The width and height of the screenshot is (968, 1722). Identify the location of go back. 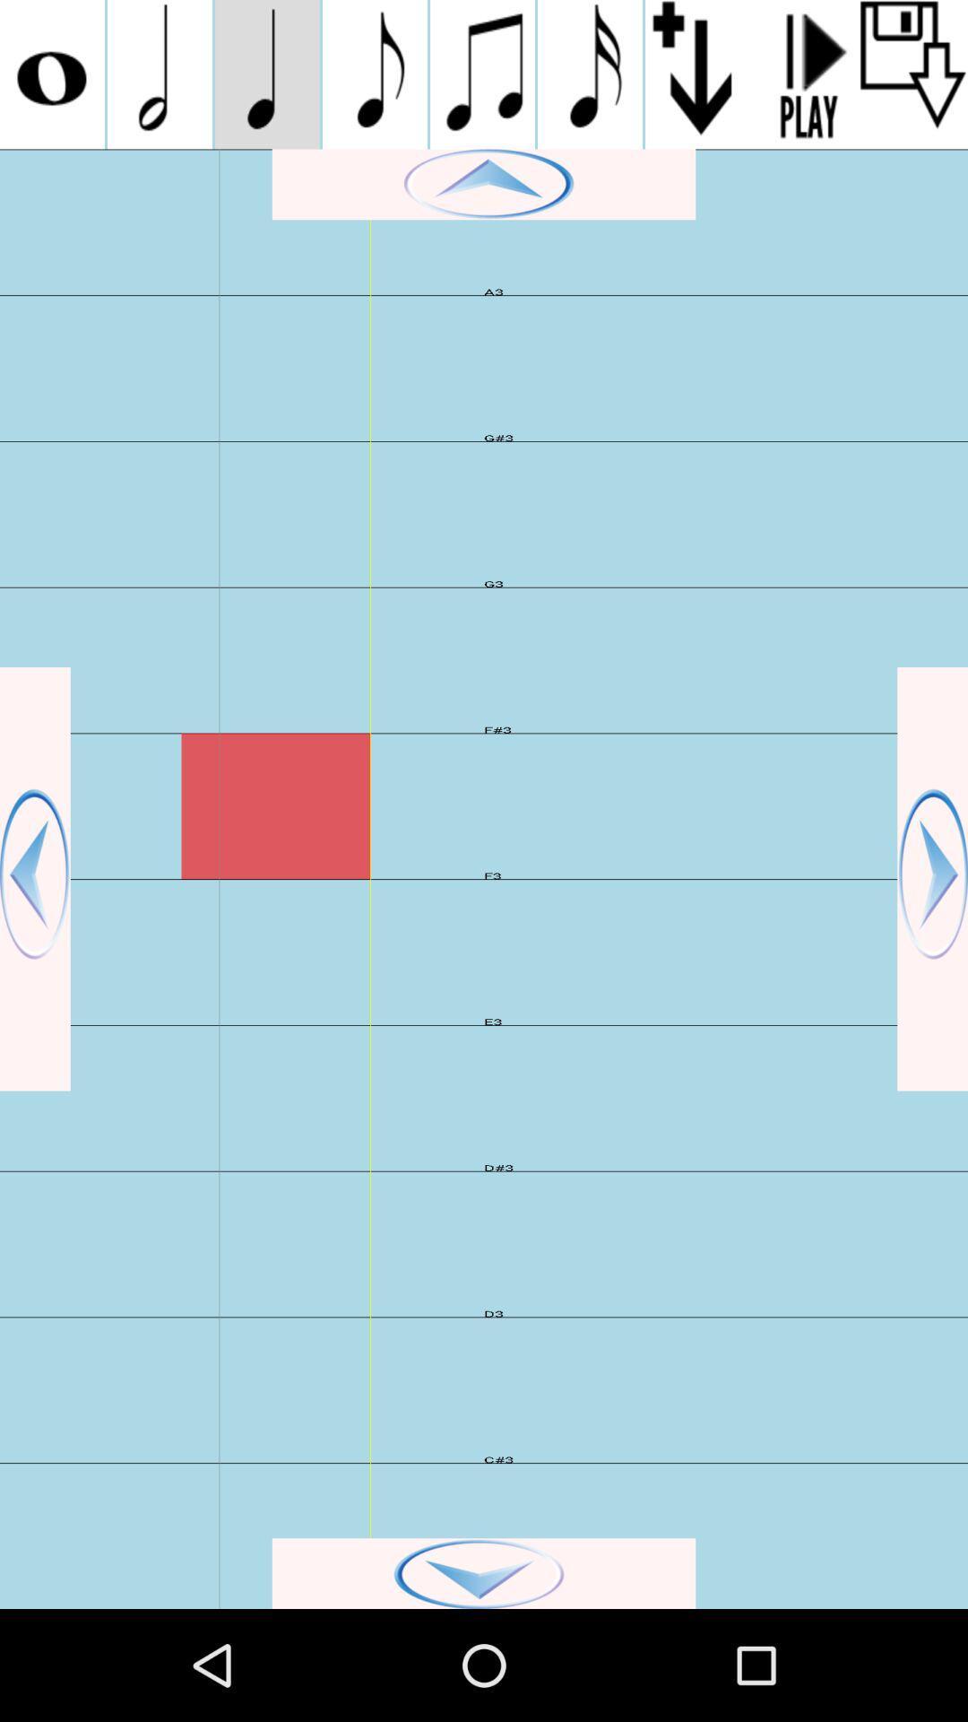
(35, 879).